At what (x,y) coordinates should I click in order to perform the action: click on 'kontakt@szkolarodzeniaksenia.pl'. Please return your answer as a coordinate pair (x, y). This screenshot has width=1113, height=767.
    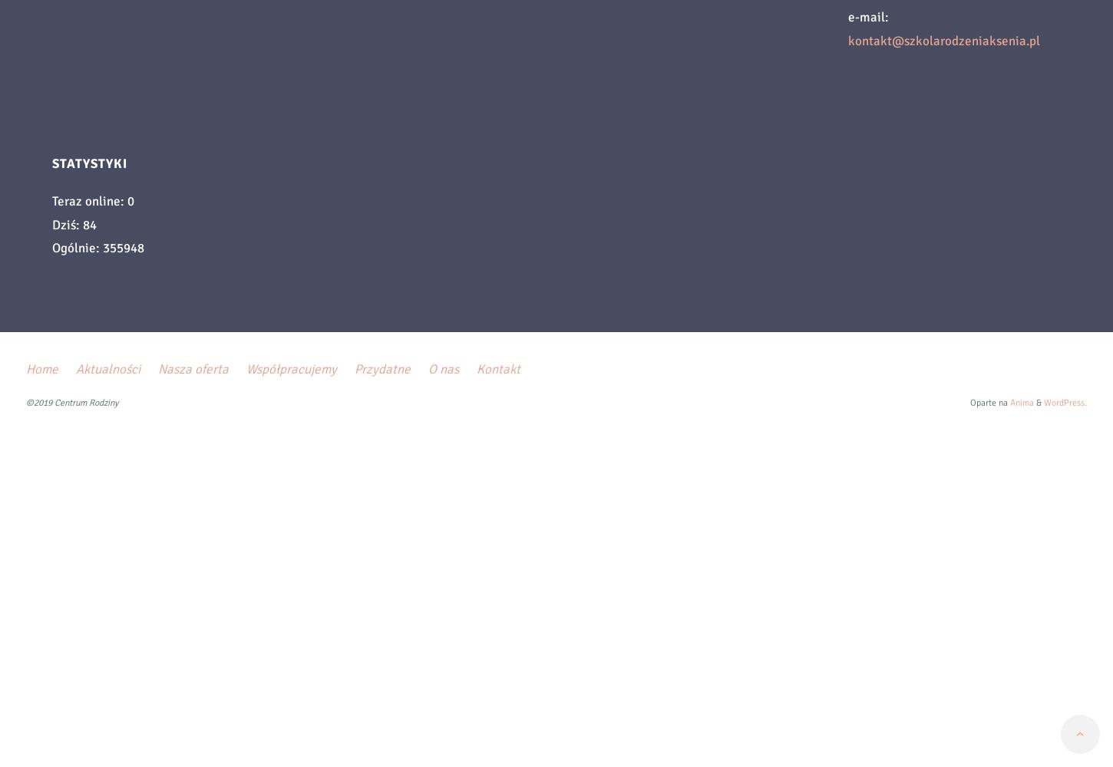
    Looking at the image, I should click on (943, 41).